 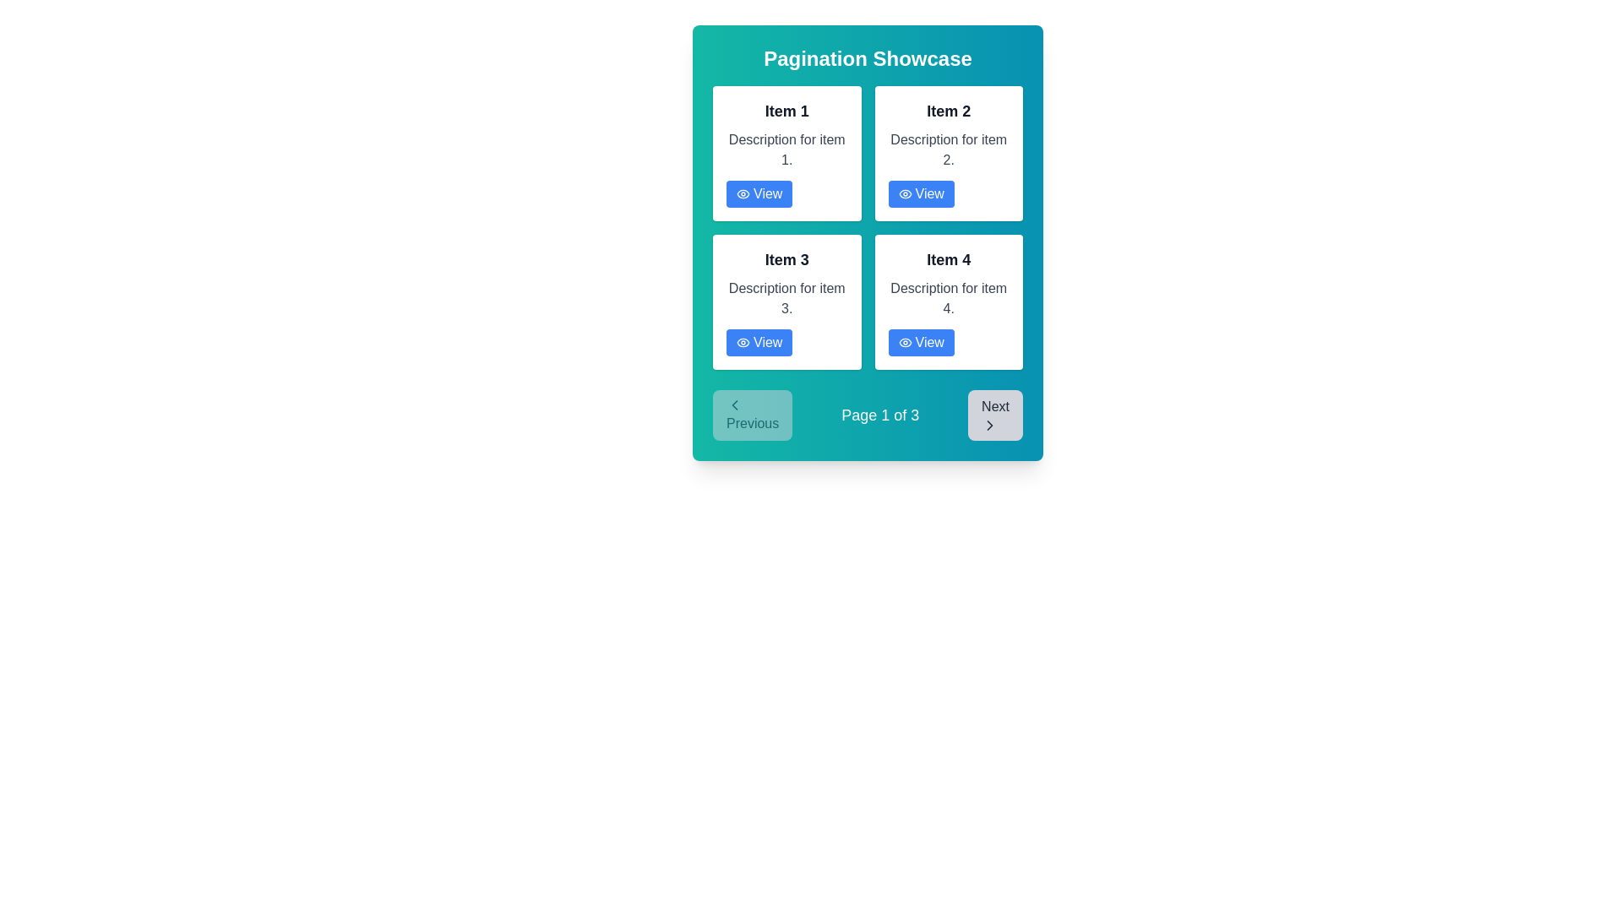 I want to click on the text block saying 'Description for item 2.' located in the second card of the grid layout, beneath the title 'Item 2', so click(x=949, y=149).